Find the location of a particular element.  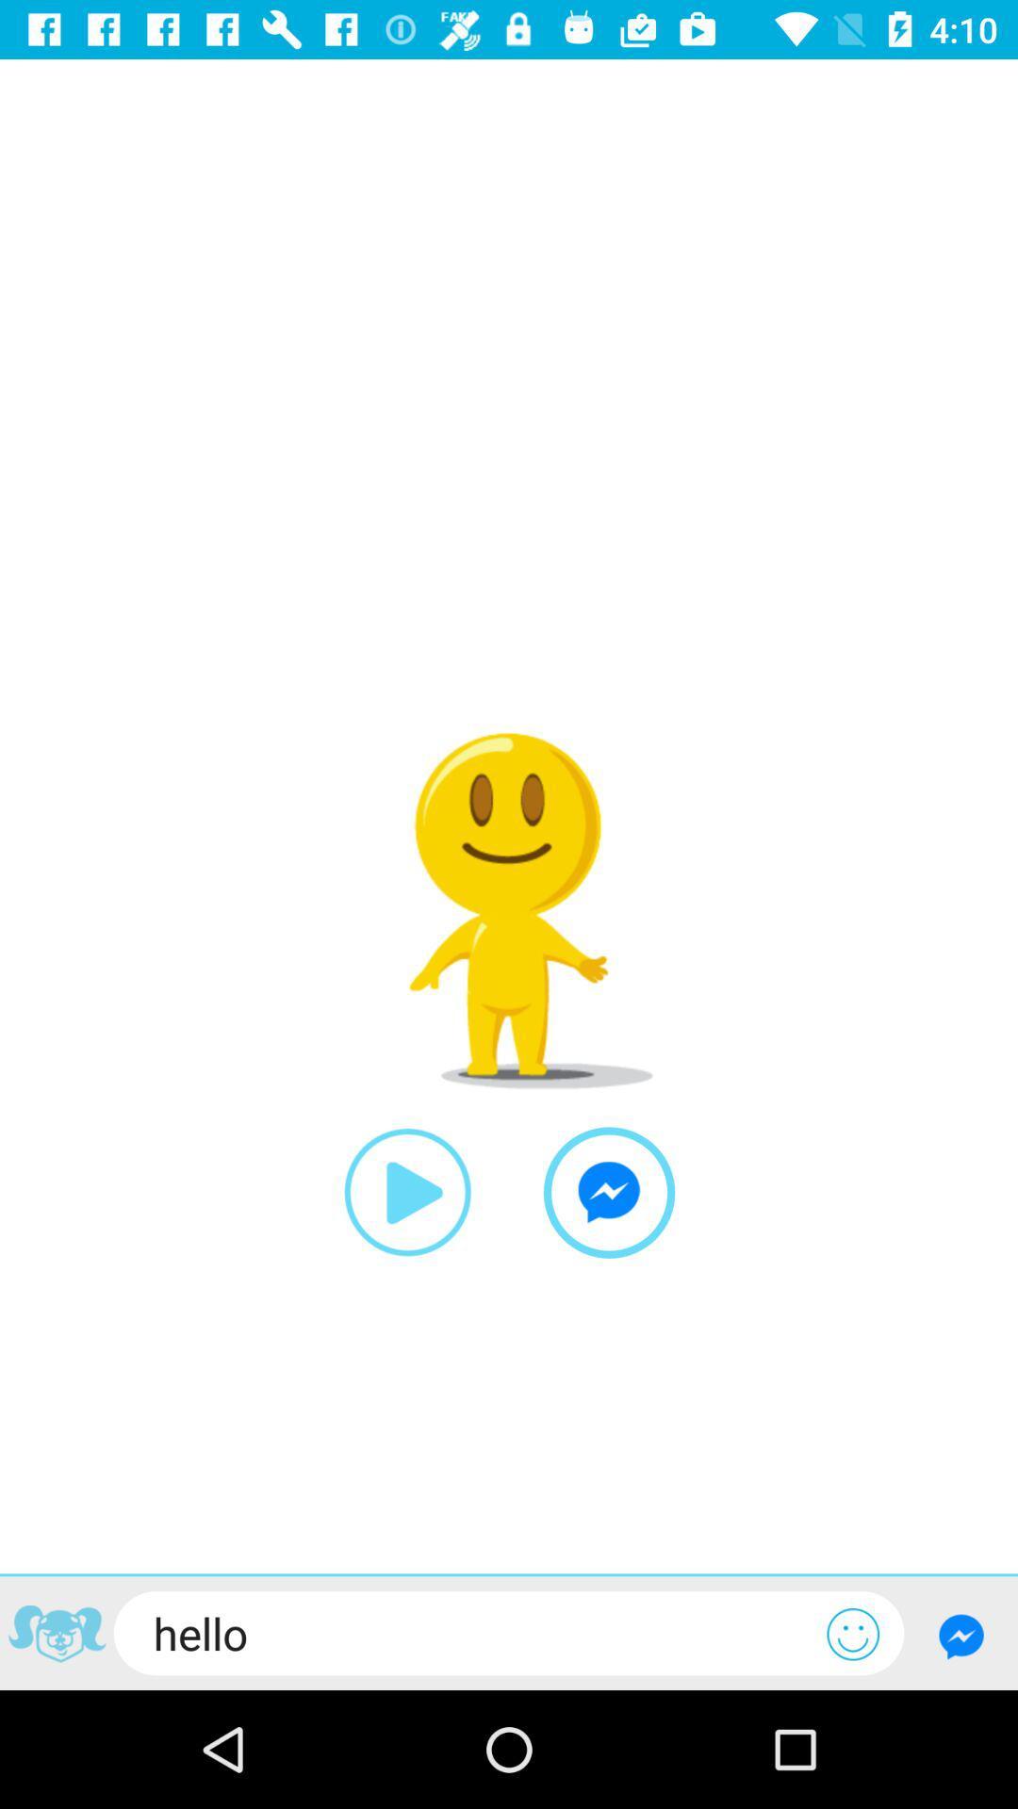

messenger option is located at coordinates (609, 1192).